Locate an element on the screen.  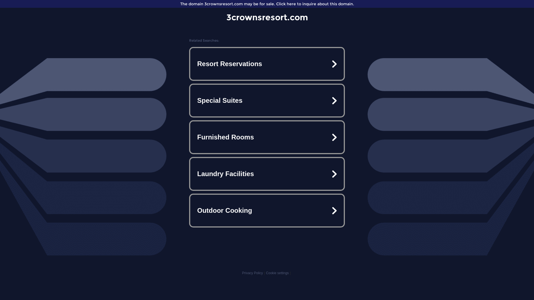
'Outdoor Cooking' is located at coordinates (267, 211).